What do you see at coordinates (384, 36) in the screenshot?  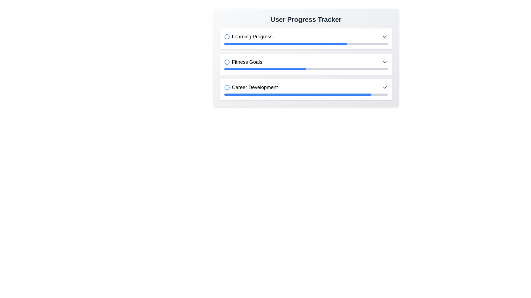 I see `the downward-pointing gray arrow icon of the Dropdown button located at the far-right end of the 'Learning Progress' section to trigger the hover effect` at bounding box center [384, 36].